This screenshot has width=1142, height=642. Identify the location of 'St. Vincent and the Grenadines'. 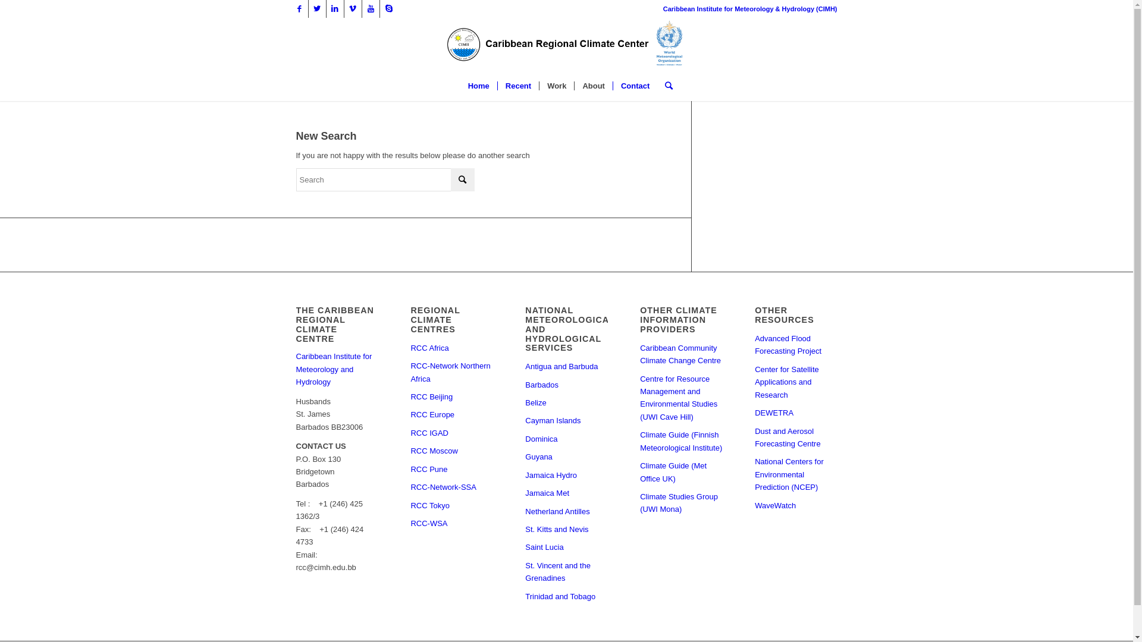
(565, 572).